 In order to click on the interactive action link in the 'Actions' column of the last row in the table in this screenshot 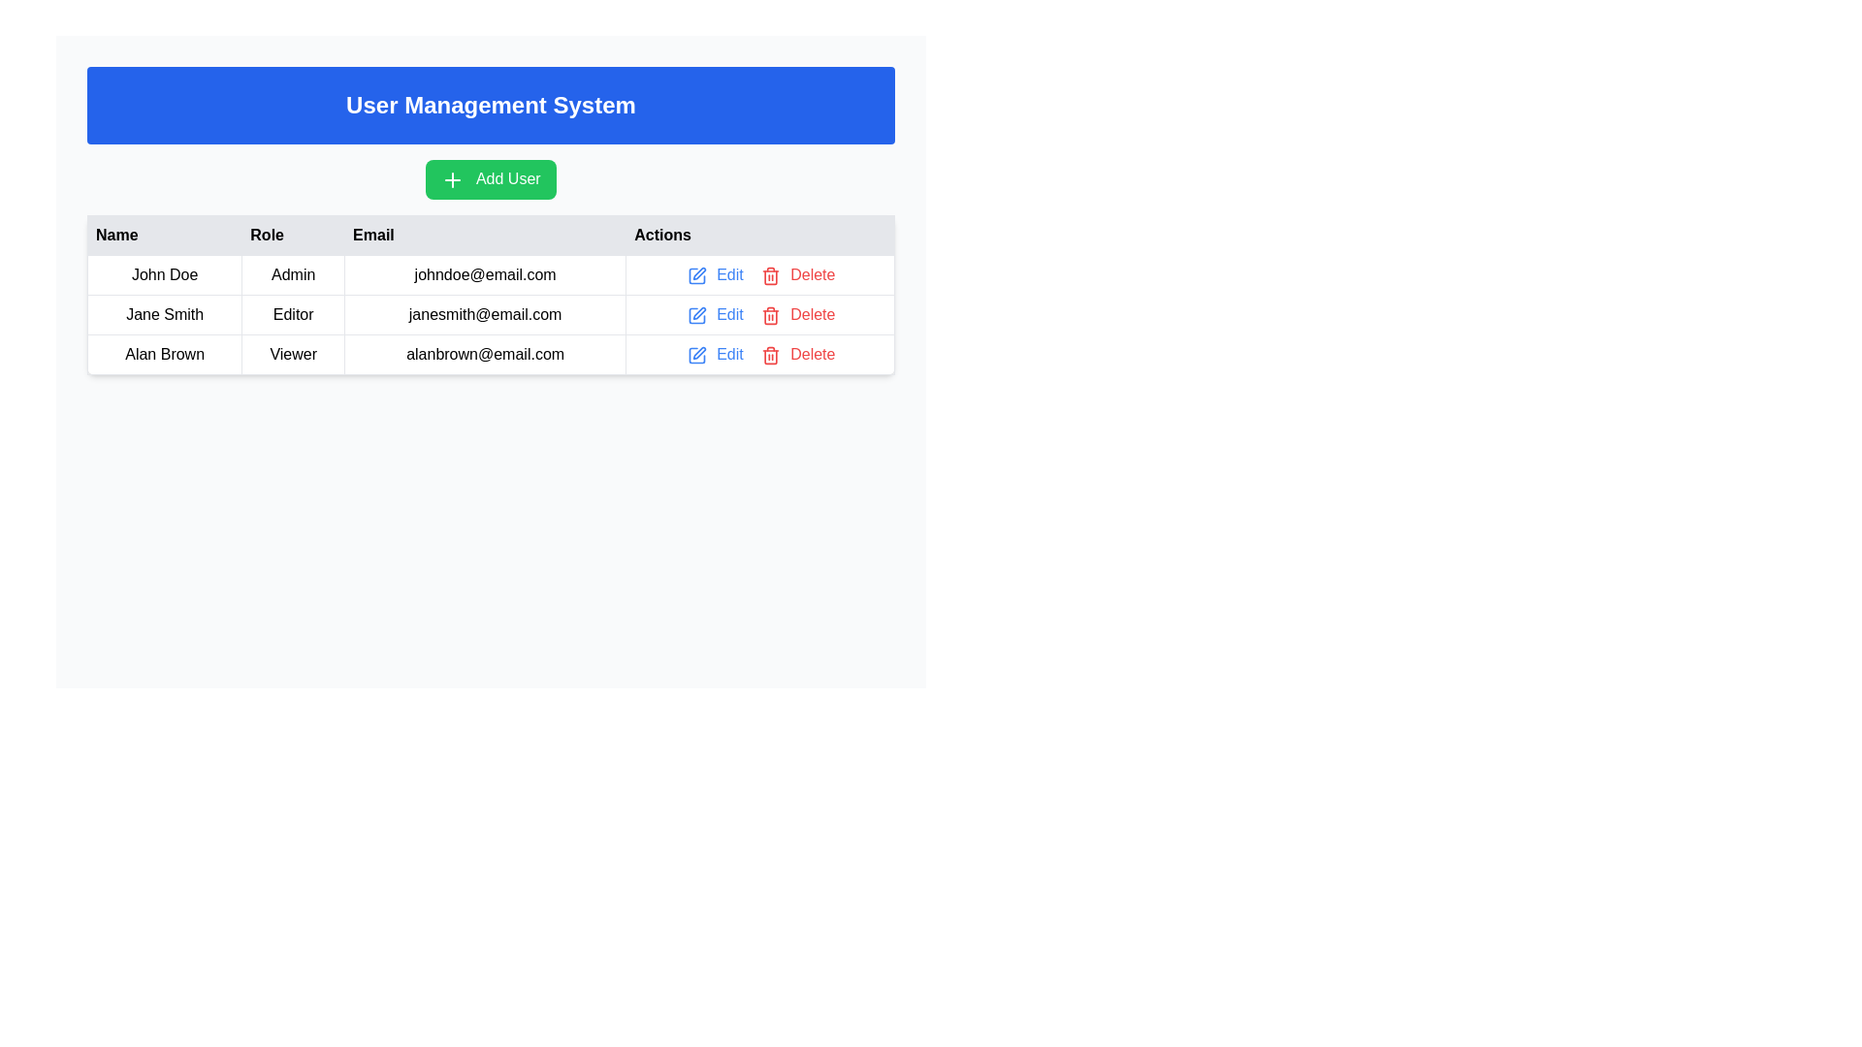, I will do `click(713, 354)`.